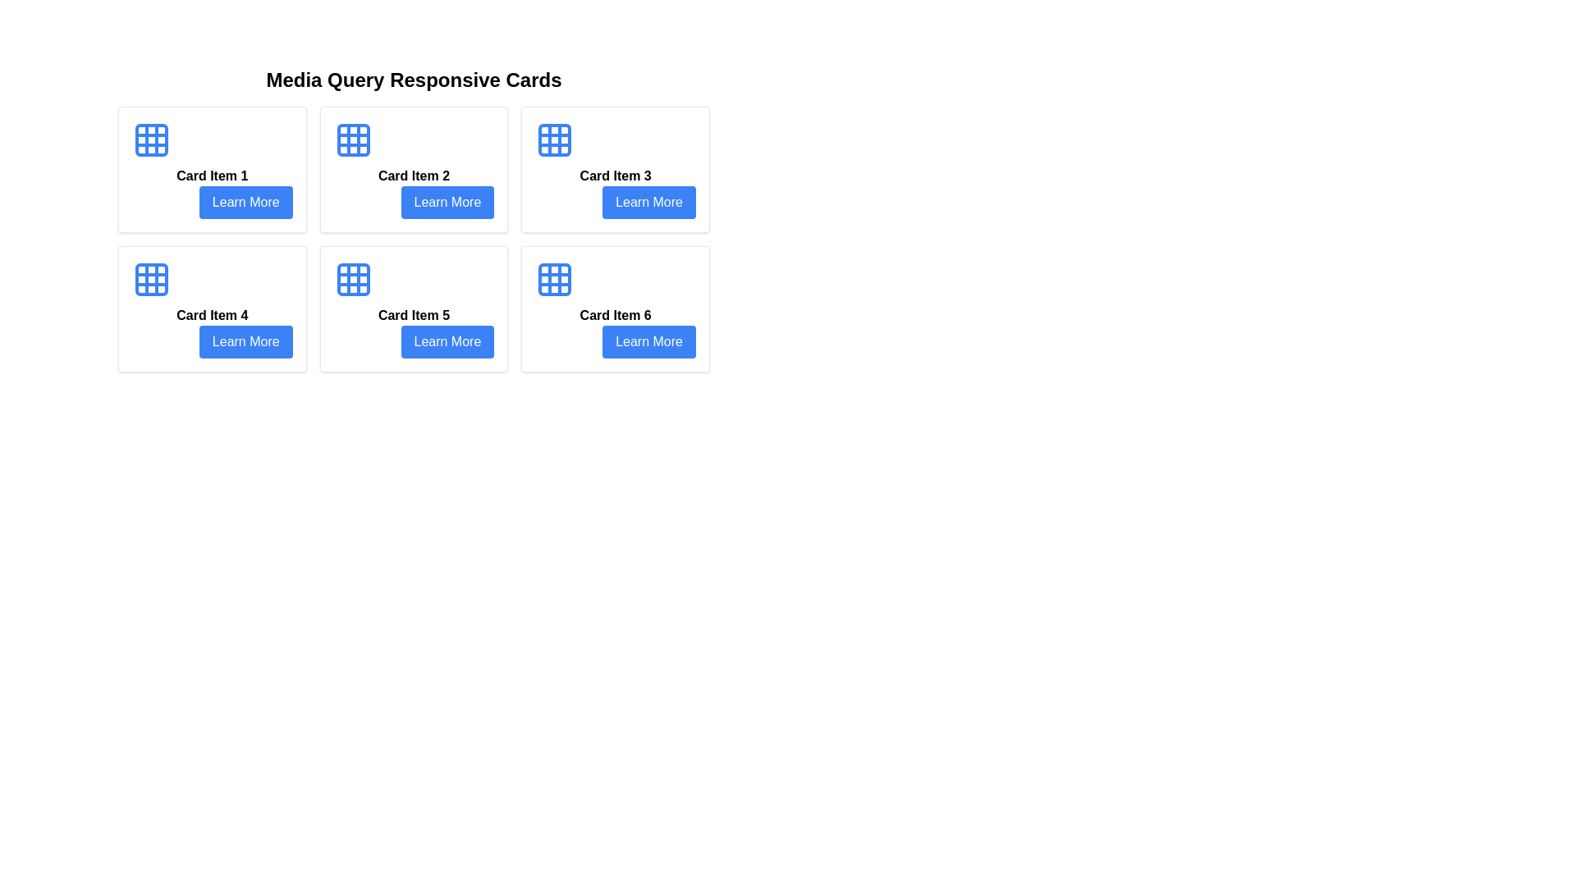 The height and width of the screenshot is (886, 1576). What do you see at coordinates (648, 201) in the screenshot?
I see `the 'Learn More' button which is a rectangular button with white text on a blue background, located at the bottom right of 'Card Item 3'` at bounding box center [648, 201].